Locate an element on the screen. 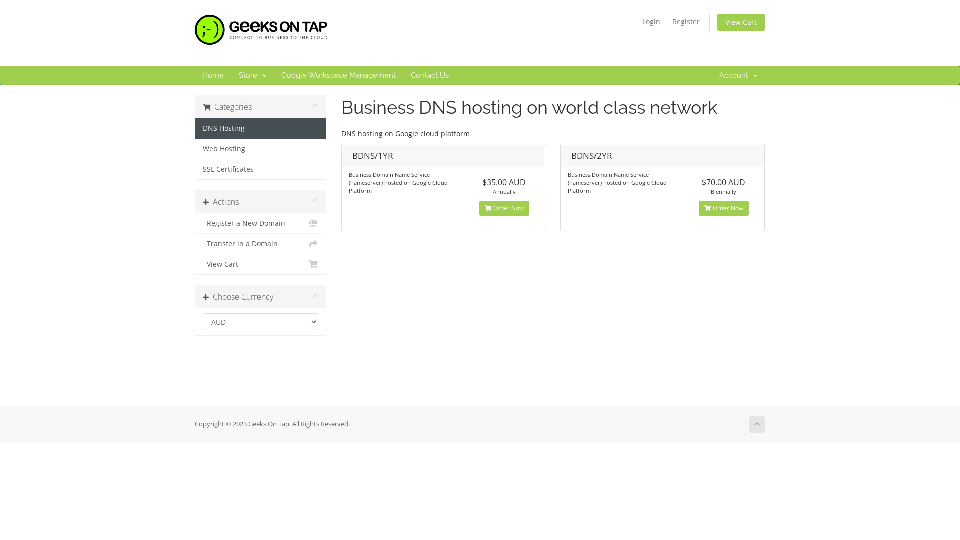 Image resolution: width=960 pixels, height=540 pixels. '  View Cart' is located at coordinates (260, 263).